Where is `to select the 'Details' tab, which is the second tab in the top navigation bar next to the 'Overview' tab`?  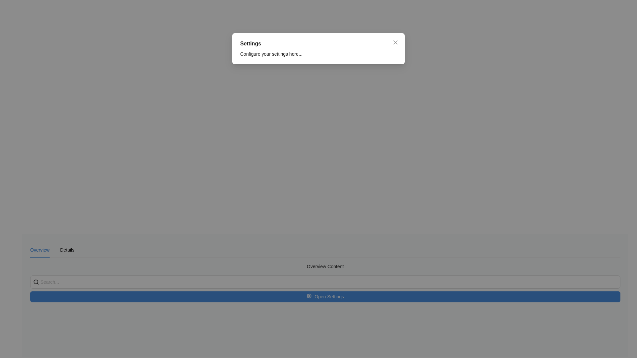 to select the 'Details' tab, which is the second tab in the top navigation bar next to the 'Overview' tab is located at coordinates (67, 250).